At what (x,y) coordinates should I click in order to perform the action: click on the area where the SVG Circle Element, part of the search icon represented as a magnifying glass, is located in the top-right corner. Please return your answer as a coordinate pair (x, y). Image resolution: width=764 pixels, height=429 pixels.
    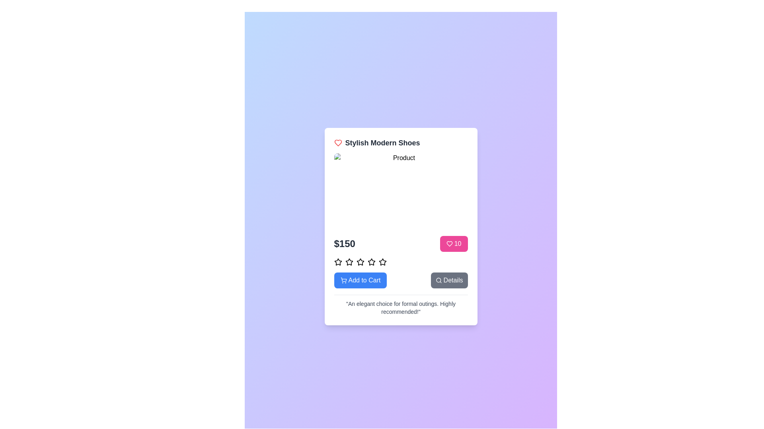
    Looking at the image, I should click on (438, 279).